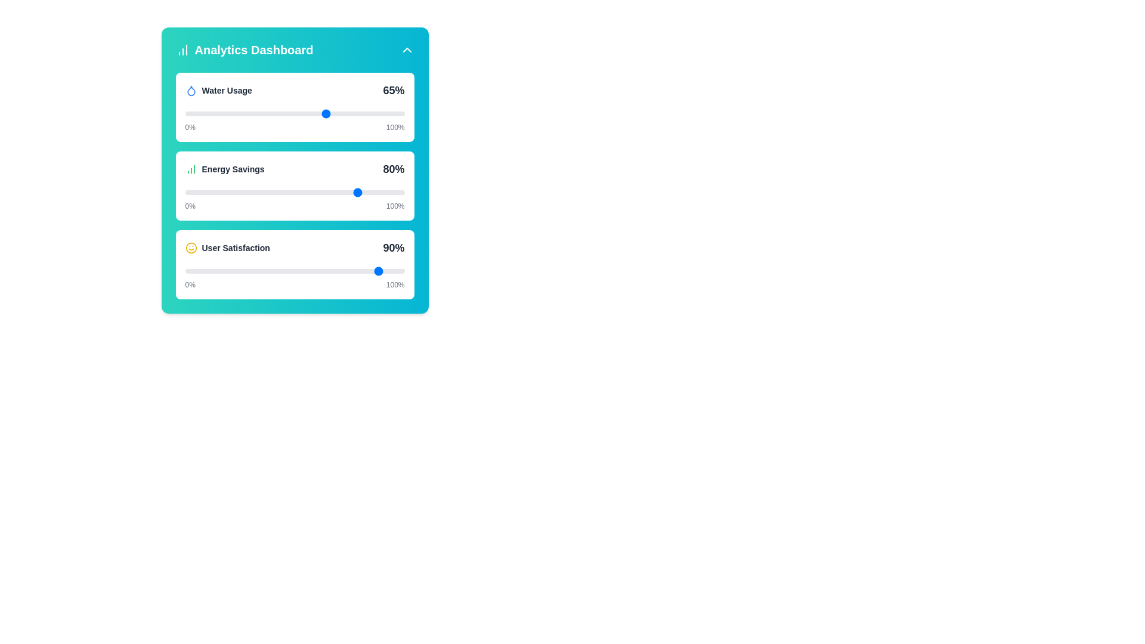  I want to click on the slider, so click(187, 192).